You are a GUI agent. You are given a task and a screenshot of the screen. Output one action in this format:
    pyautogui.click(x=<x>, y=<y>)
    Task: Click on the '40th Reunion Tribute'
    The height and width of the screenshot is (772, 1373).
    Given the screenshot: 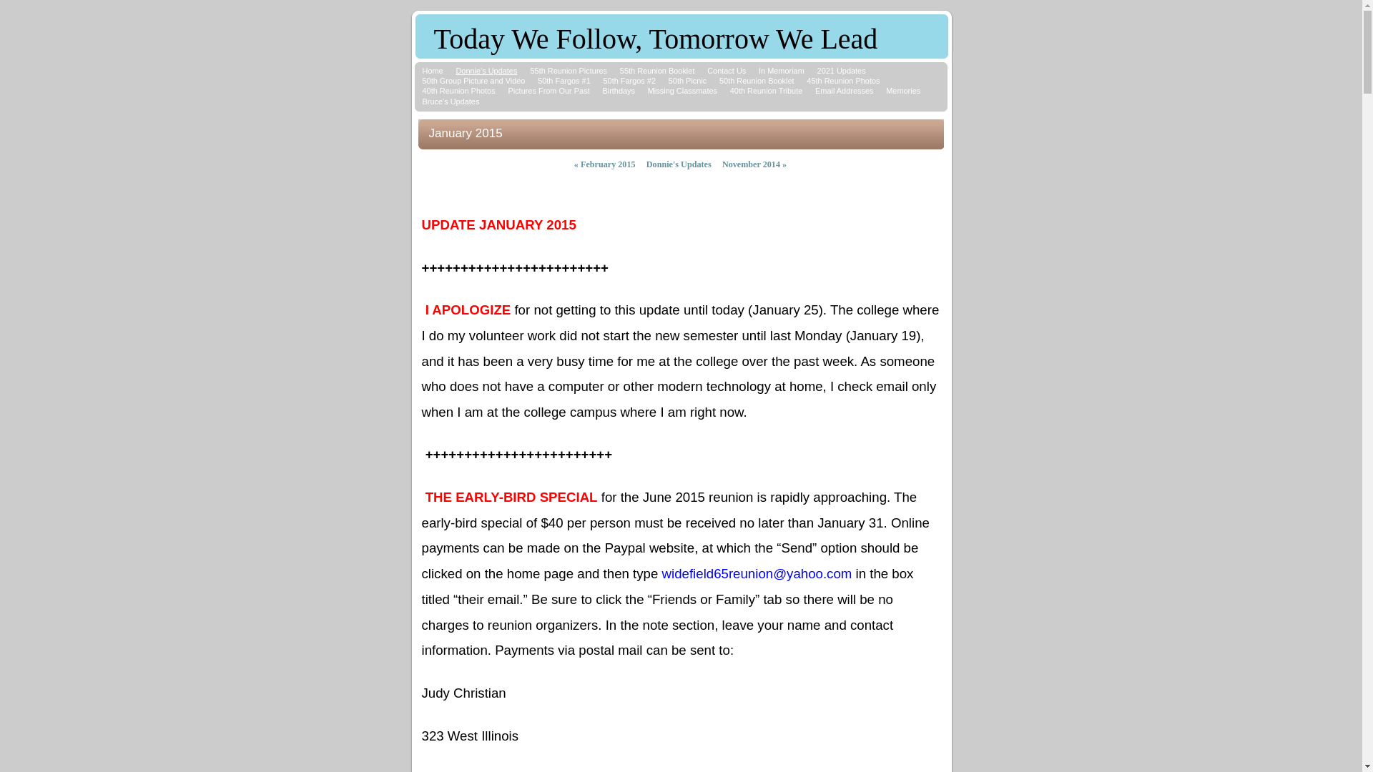 What is the action you would take?
    pyautogui.click(x=765, y=91)
    